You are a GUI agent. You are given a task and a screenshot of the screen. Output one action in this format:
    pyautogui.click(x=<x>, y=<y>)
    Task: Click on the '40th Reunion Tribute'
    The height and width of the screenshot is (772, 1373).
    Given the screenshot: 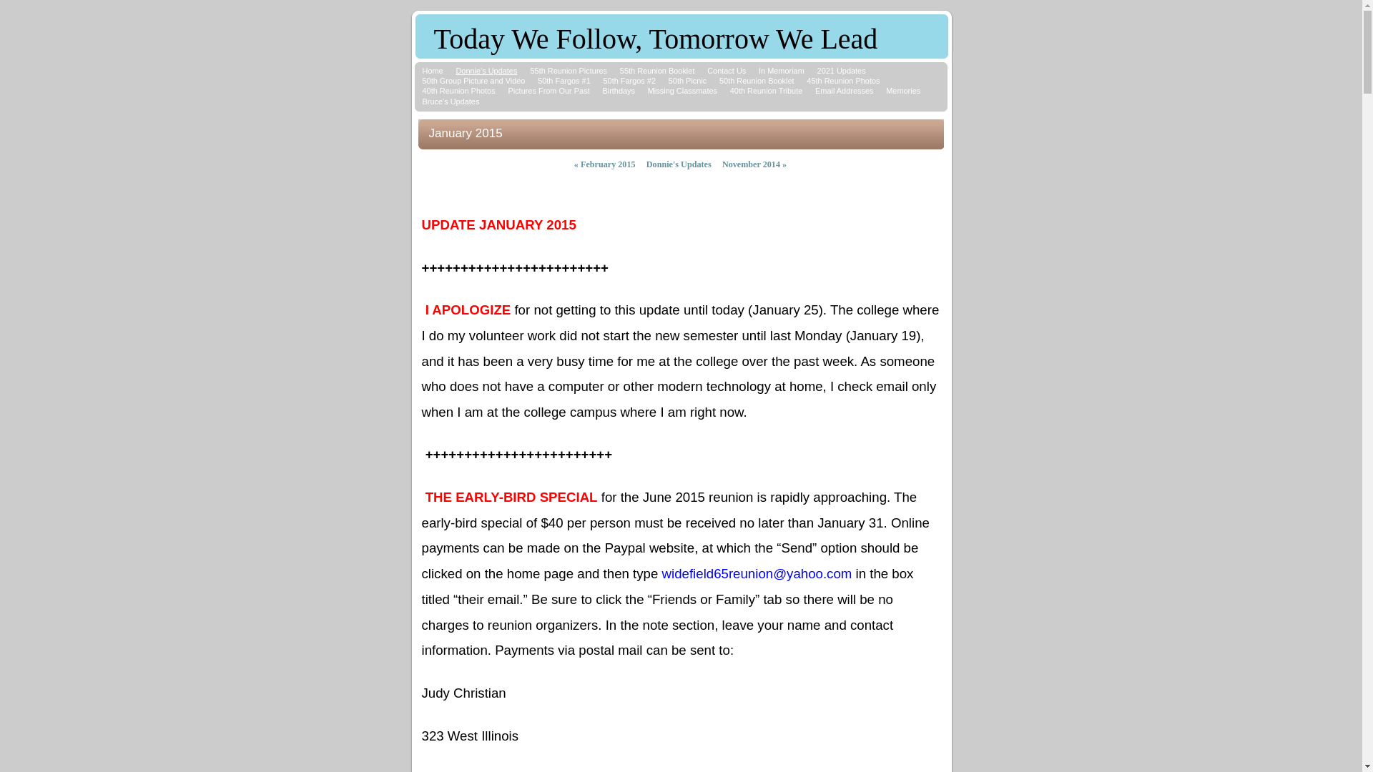 What is the action you would take?
    pyautogui.click(x=765, y=91)
    